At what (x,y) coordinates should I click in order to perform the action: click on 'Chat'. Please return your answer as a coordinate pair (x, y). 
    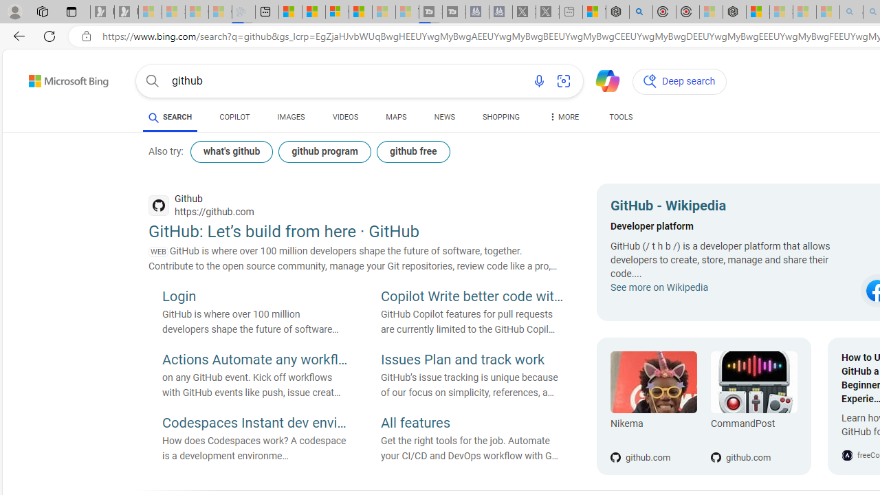
    Looking at the image, I should click on (602, 80).